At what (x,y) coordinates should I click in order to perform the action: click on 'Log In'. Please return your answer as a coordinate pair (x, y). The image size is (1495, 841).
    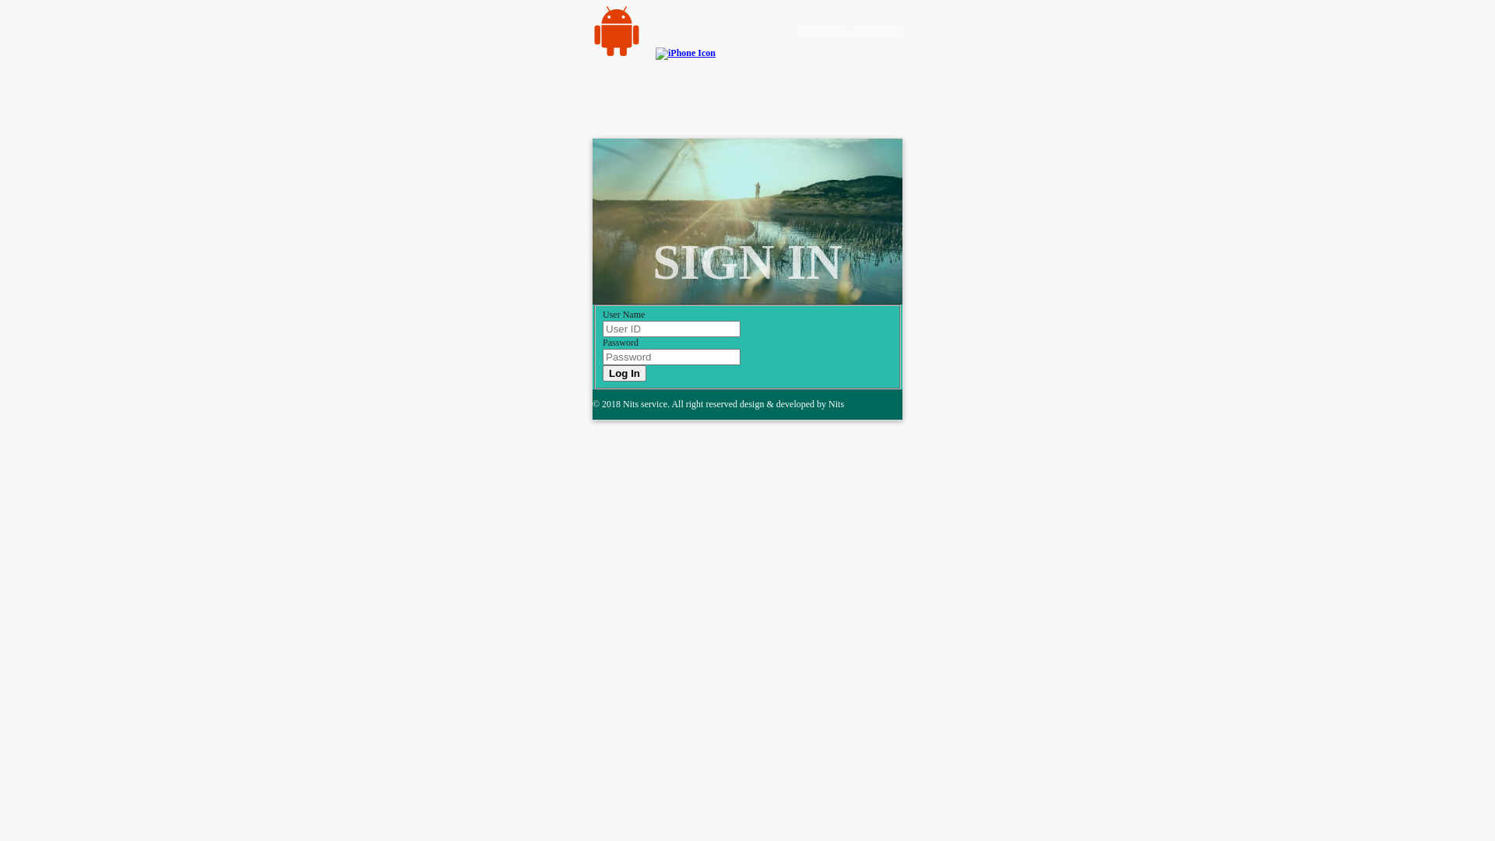
    Looking at the image, I should click on (601, 373).